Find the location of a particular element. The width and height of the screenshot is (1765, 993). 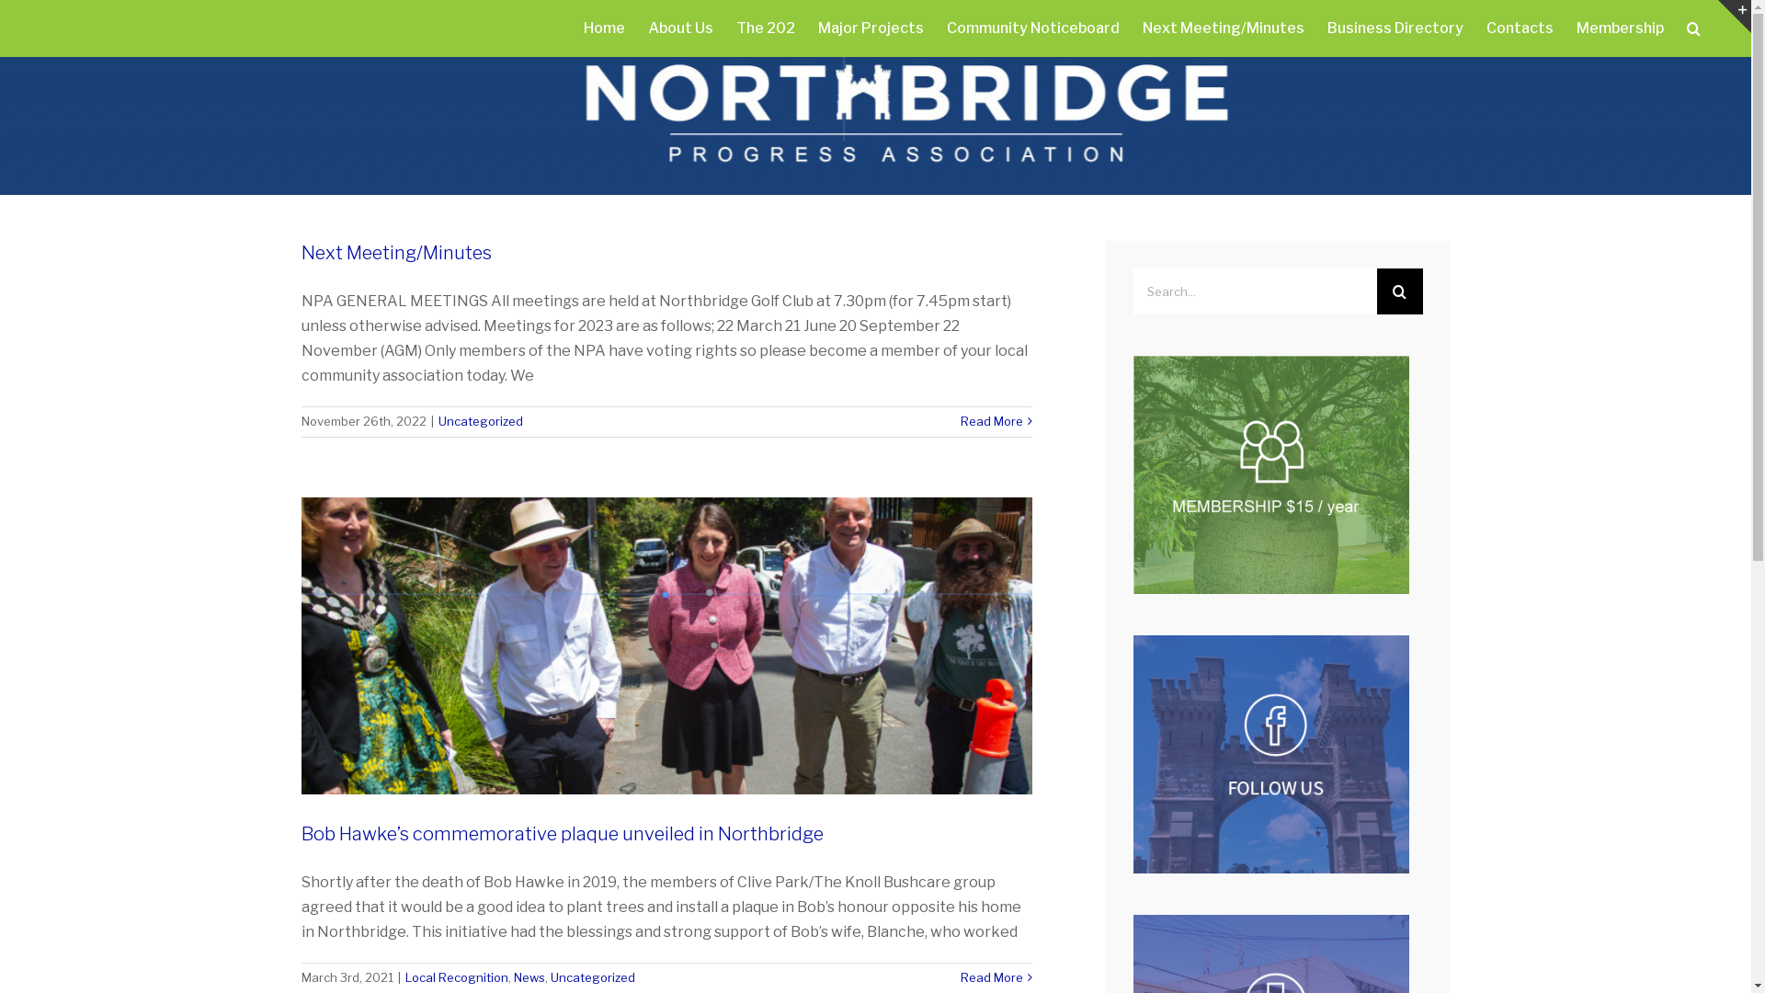

'Business Directory' is located at coordinates (1395, 28).